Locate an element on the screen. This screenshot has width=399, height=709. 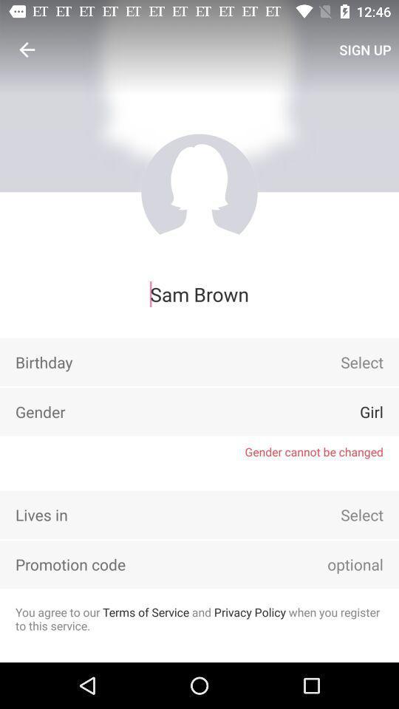
move cursor to box is located at coordinates (335, 564).